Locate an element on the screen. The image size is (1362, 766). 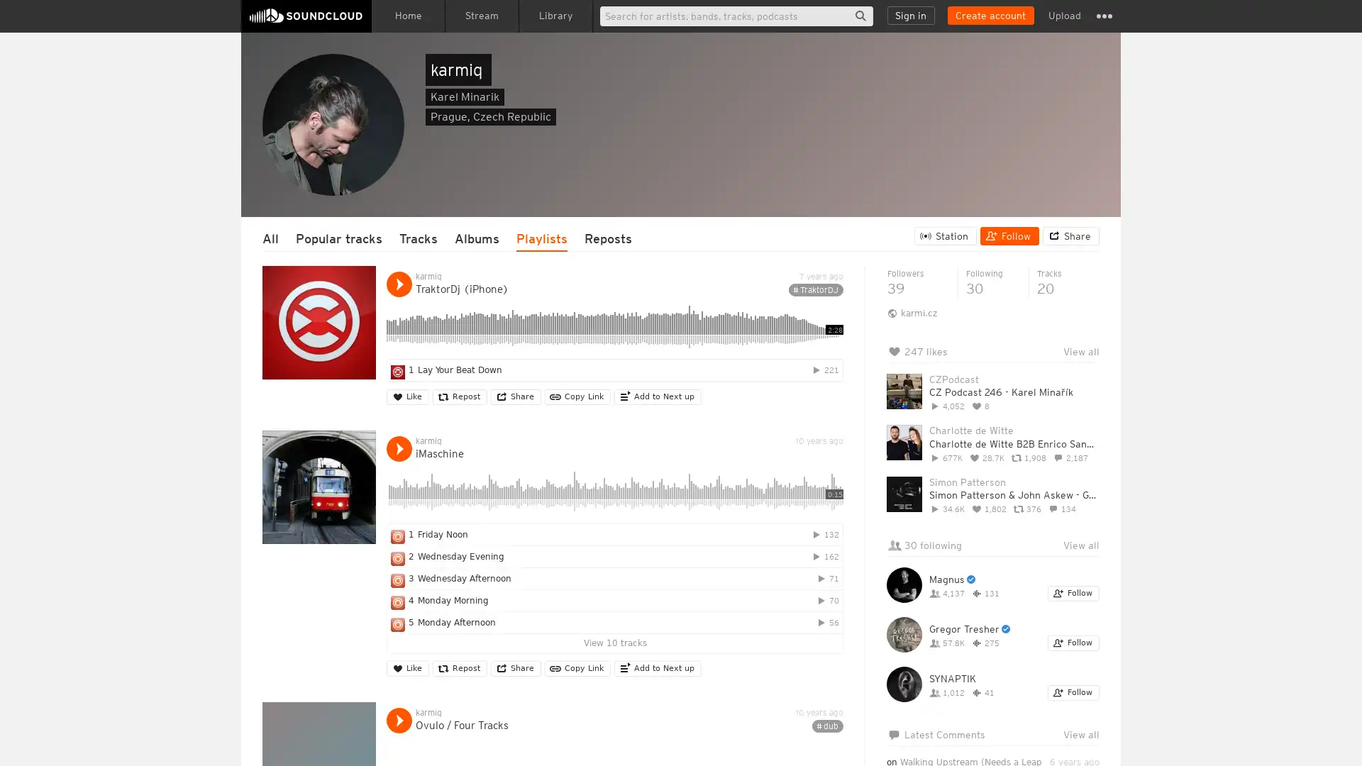
Play is located at coordinates (398, 448).